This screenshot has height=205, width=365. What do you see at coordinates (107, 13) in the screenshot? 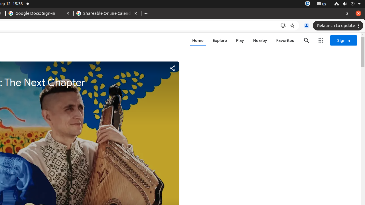
I see `'Shareable Online Calendar and Scheduling - Google Calendar - Memory usage - 88.5 MB'` at bounding box center [107, 13].